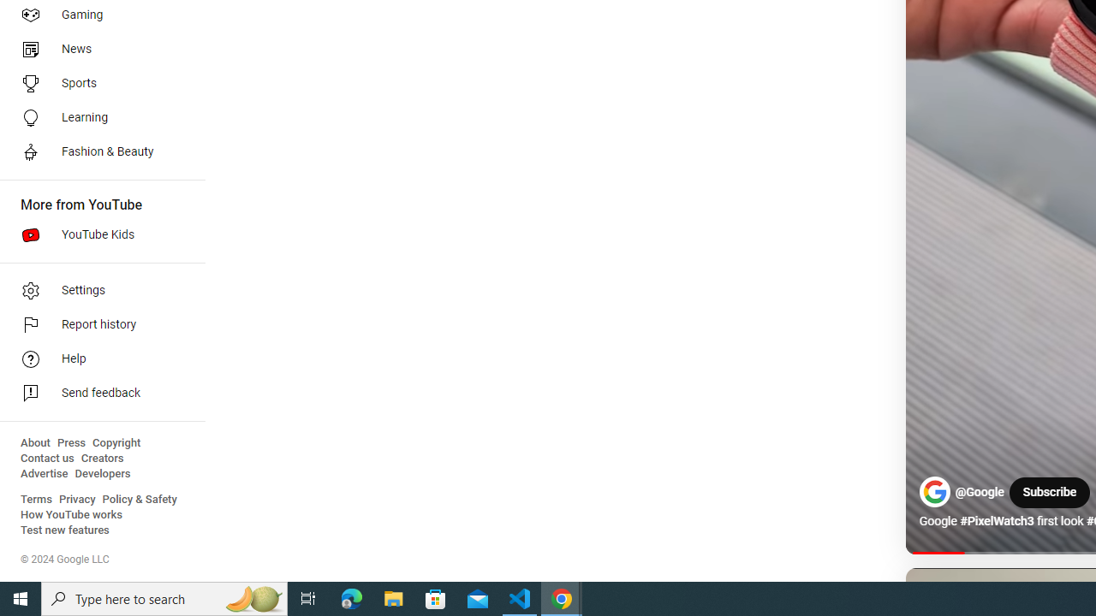  Describe the element at coordinates (140, 500) in the screenshot. I see `'Policy & Safety'` at that location.